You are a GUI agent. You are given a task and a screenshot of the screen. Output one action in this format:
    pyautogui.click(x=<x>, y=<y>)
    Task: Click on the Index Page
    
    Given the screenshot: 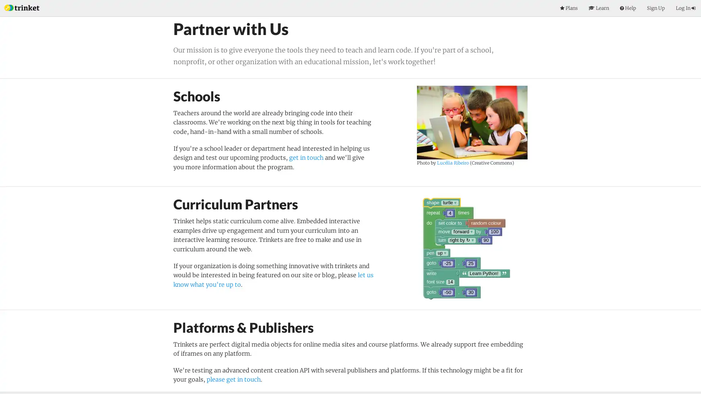 What is the action you would take?
    pyautogui.click(x=22, y=7)
    